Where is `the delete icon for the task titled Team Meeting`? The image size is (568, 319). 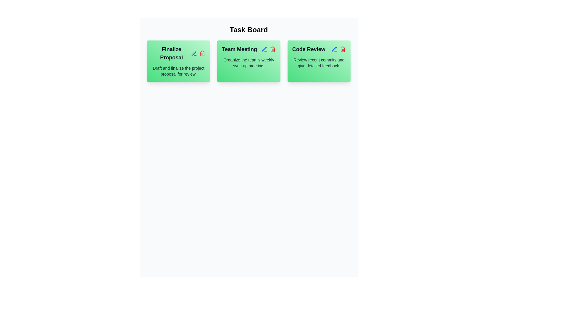 the delete icon for the task titled Team Meeting is located at coordinates (272, 49).